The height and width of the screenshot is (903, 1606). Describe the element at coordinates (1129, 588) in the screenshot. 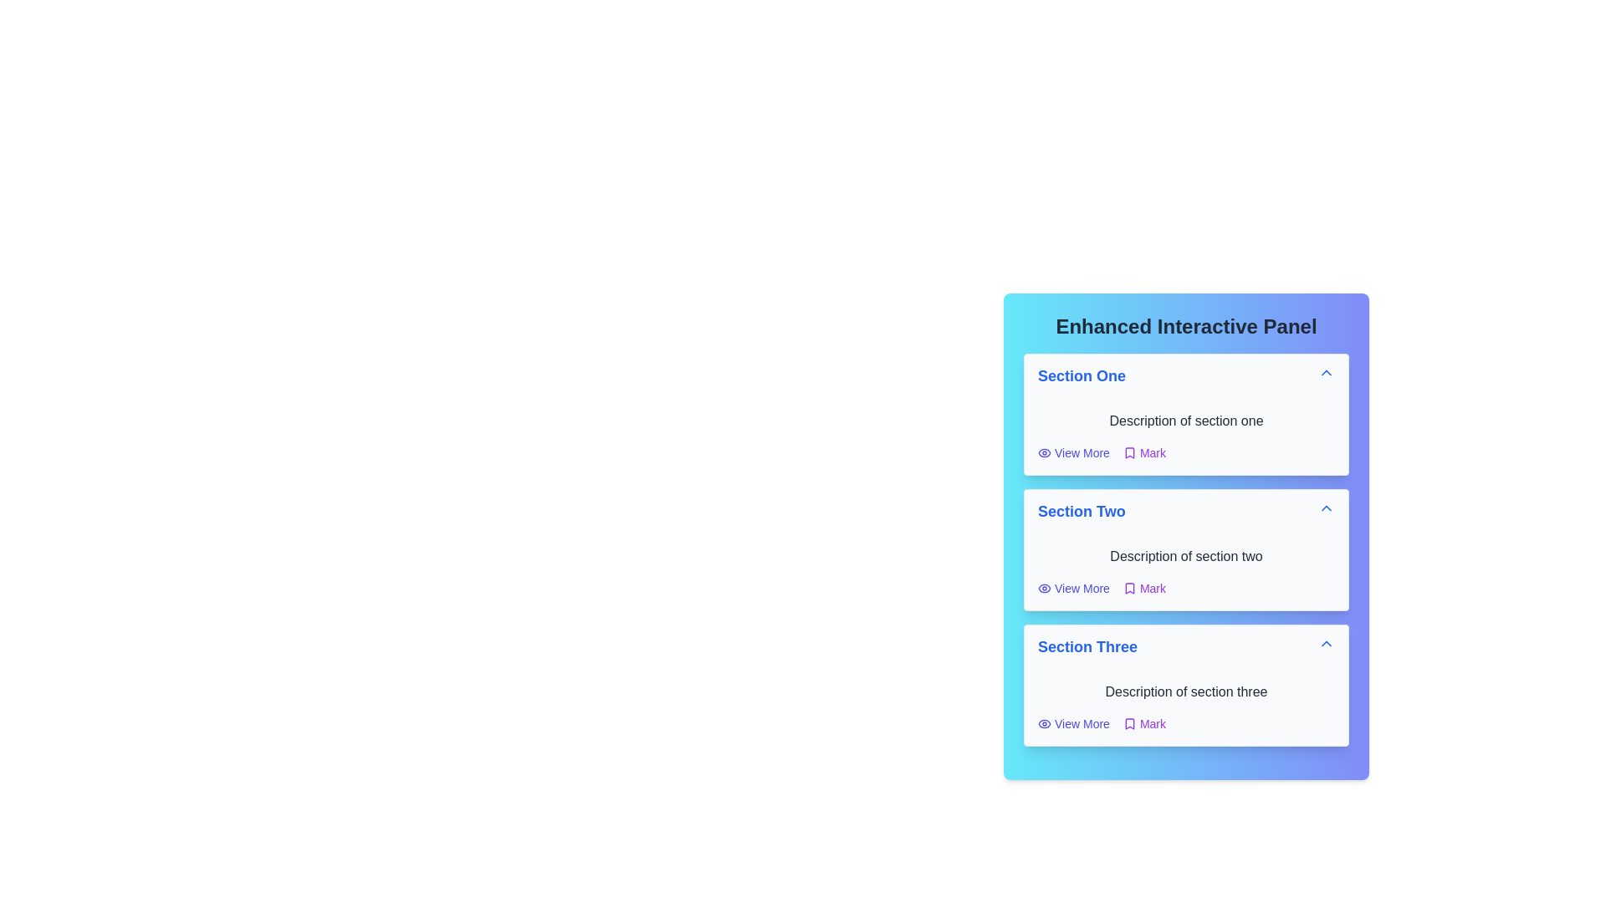

I see `the bookmark icon located in 'Section Two' at the bottom right corner of the collapsible sections` at that location.